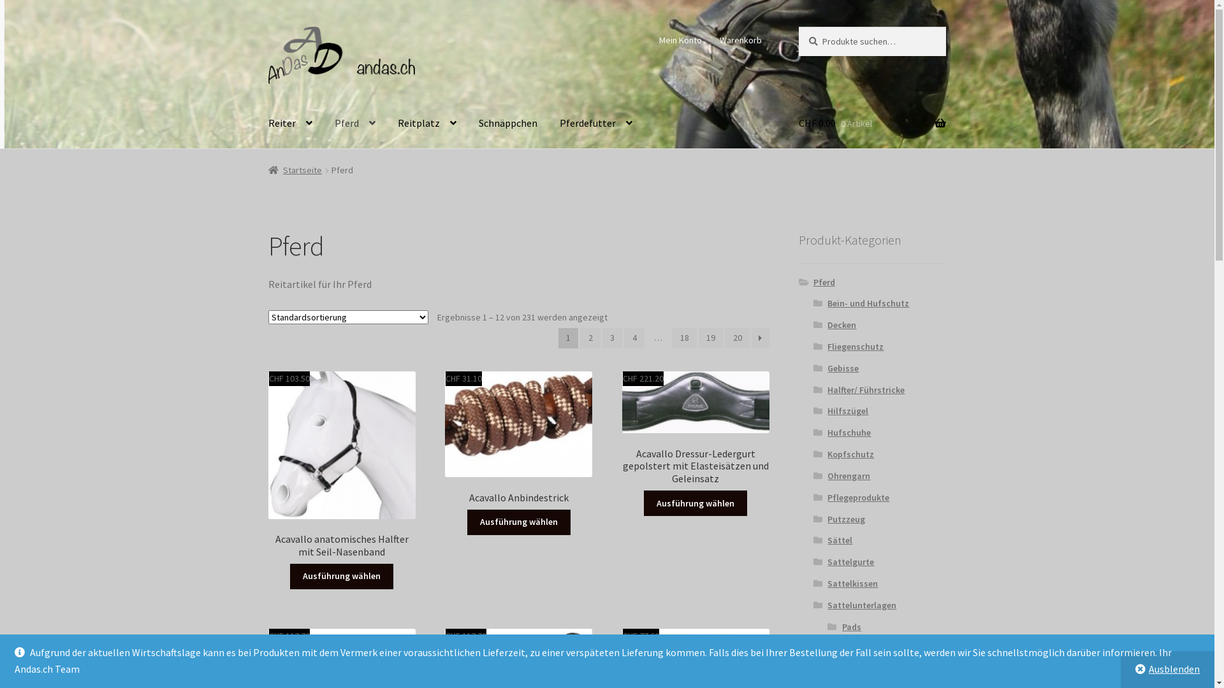  I want to click on 'Decken', so click(841, 324).